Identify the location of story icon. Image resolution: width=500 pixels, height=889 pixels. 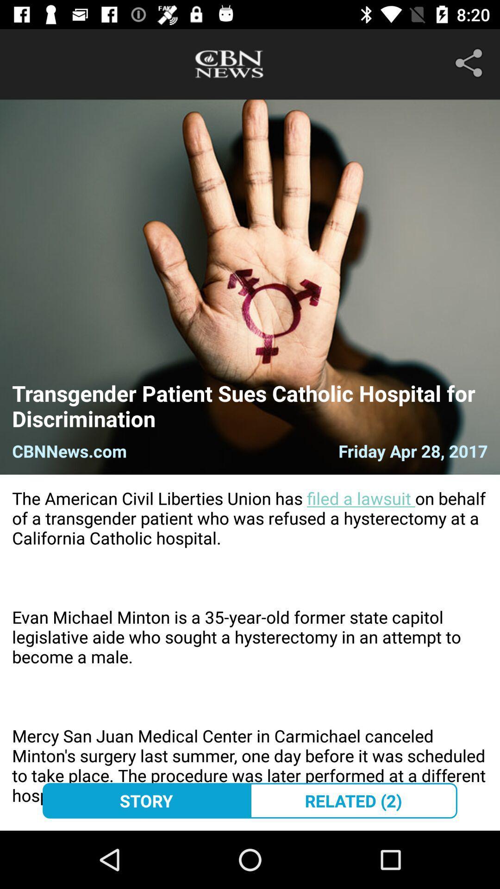
(146, 800).